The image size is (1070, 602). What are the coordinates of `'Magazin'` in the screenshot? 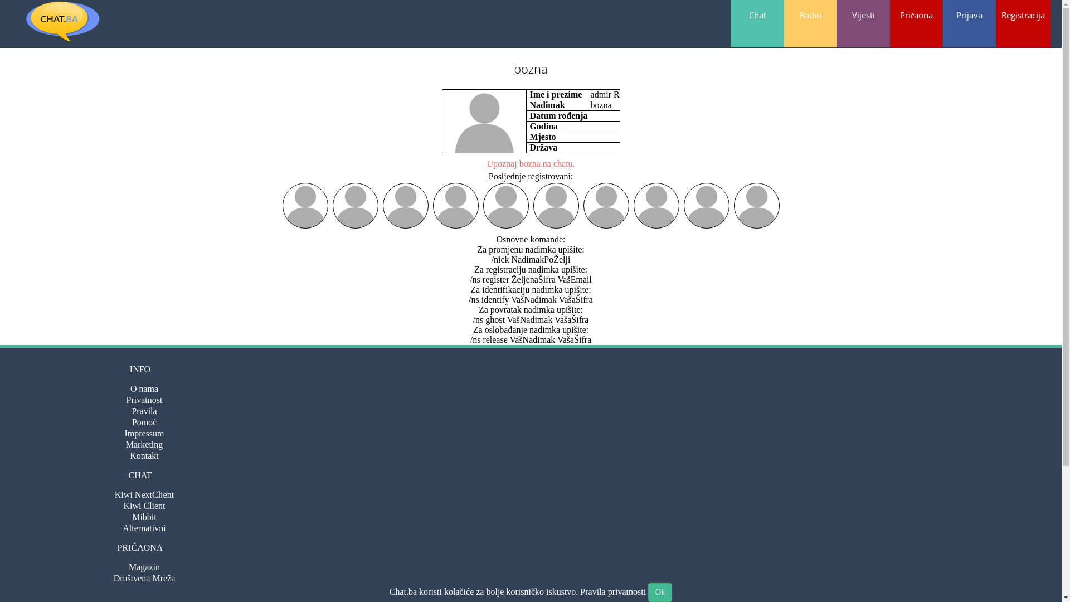 It's located at (144, 567).